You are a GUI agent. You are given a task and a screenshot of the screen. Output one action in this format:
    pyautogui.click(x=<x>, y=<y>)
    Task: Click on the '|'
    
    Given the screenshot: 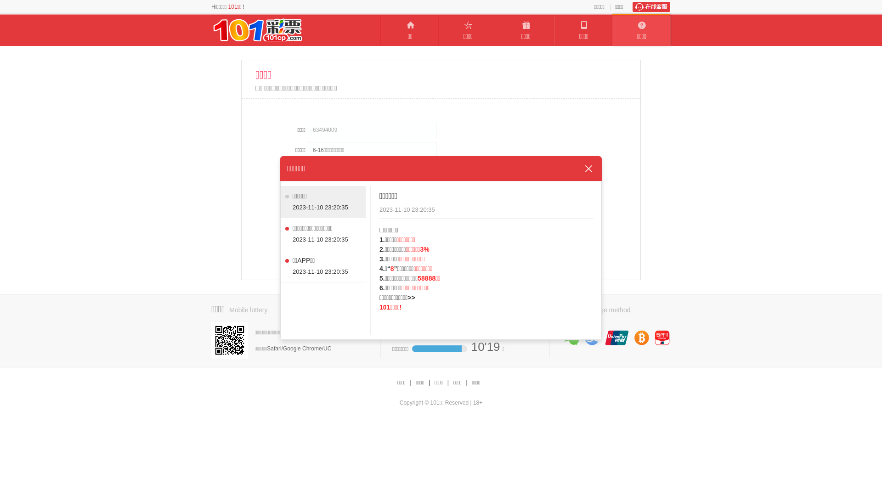 What is the action you would take?
    pyautogui.click(x=448, y=383)
    